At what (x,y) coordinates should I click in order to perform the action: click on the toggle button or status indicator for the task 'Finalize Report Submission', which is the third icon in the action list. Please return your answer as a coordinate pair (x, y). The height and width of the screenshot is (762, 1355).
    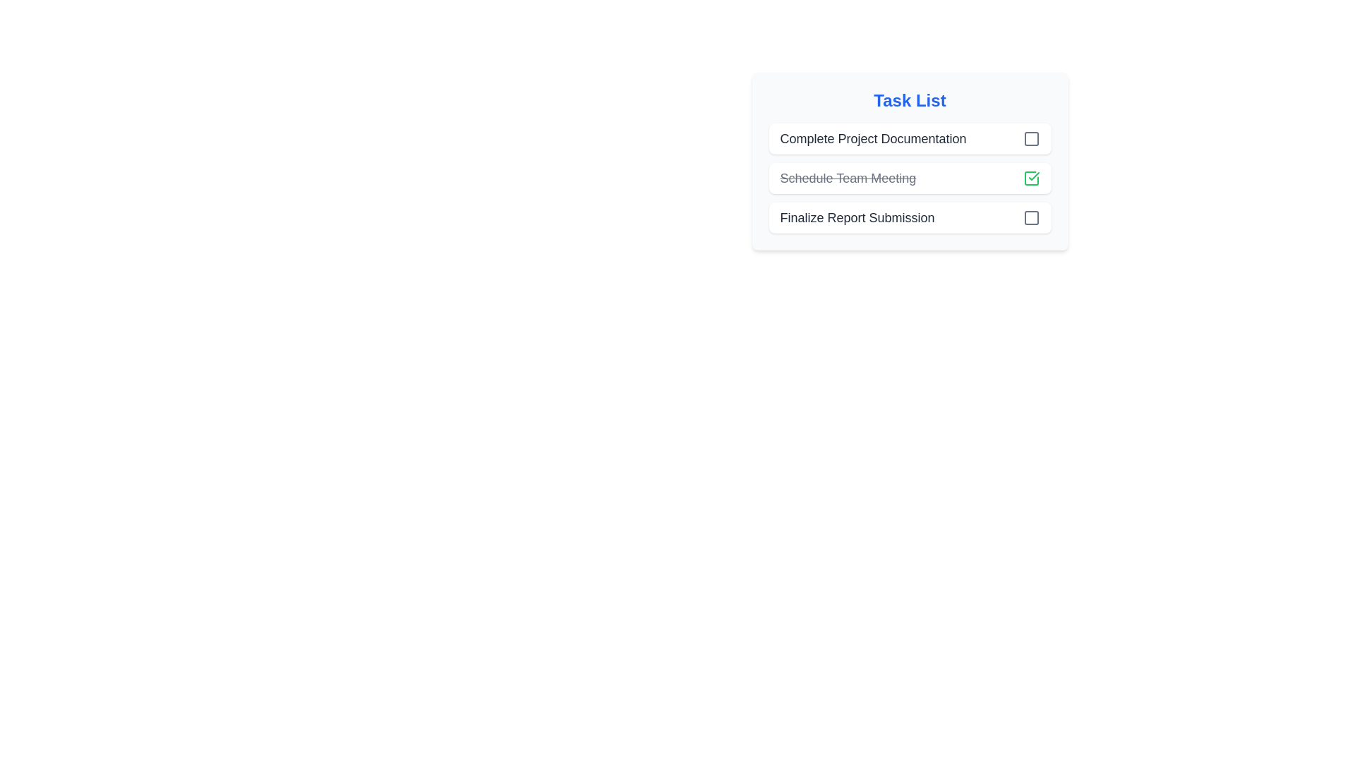
    Looking at the image, I should click on (1031, 217).